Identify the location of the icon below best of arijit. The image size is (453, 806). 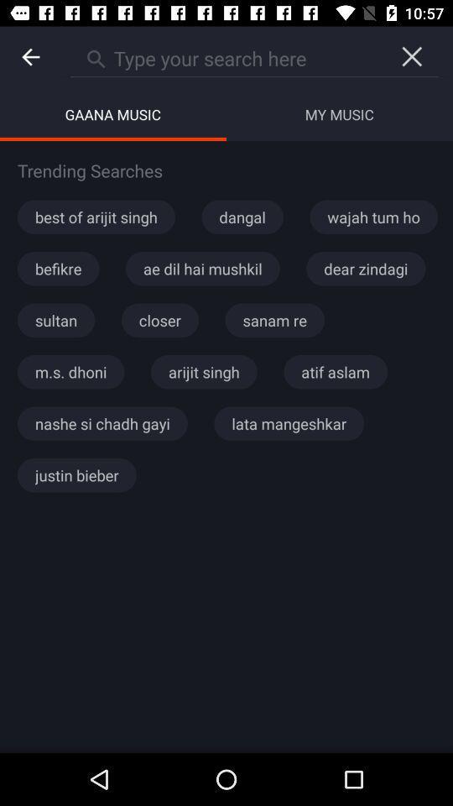
(202, 269).